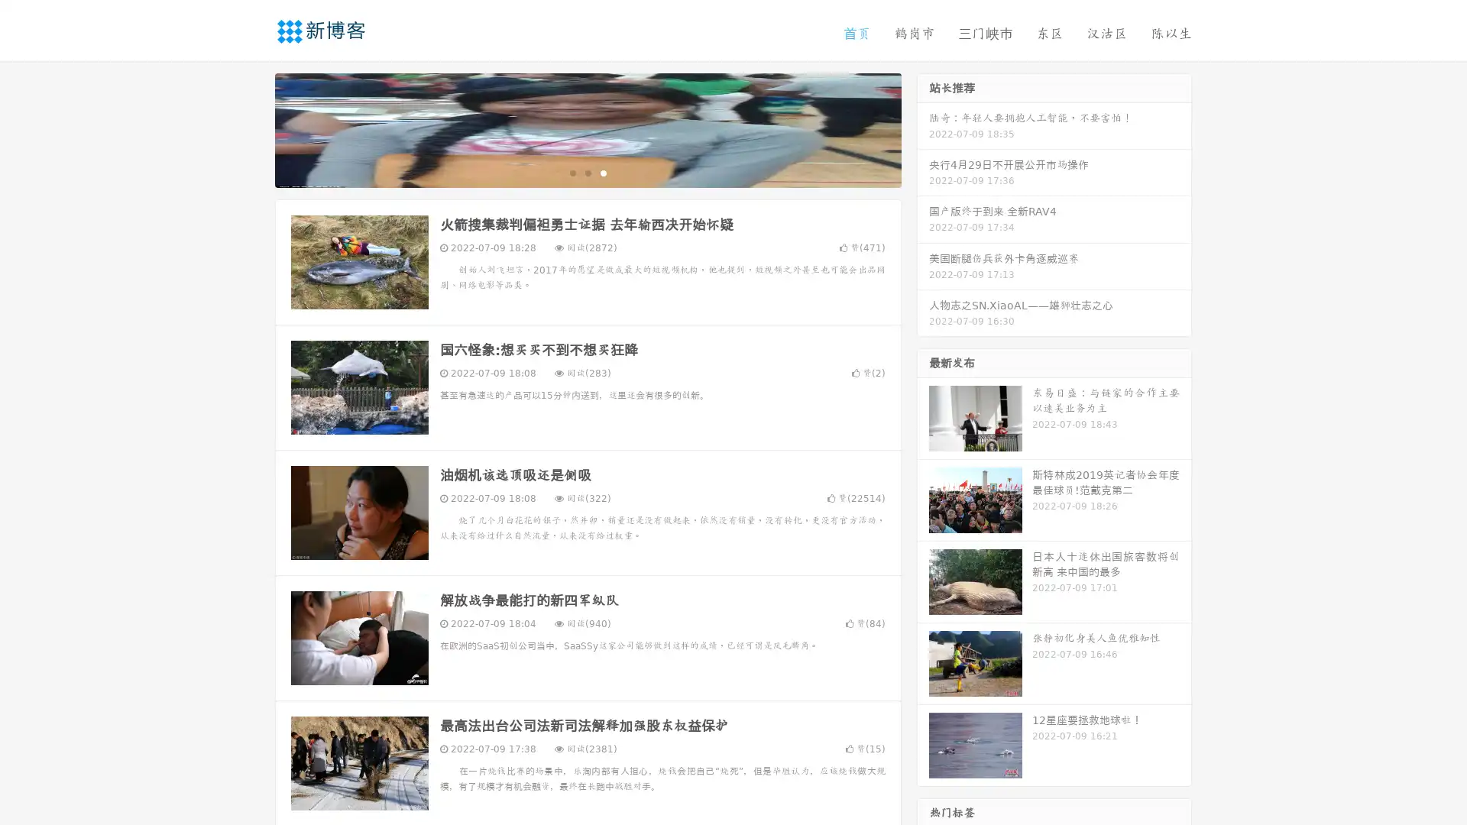 The height and width of the screenshot is (825, 1467). Describe the element at coordinates (587, 172) in the screenshot. I see `Go to slide 2` at that location.